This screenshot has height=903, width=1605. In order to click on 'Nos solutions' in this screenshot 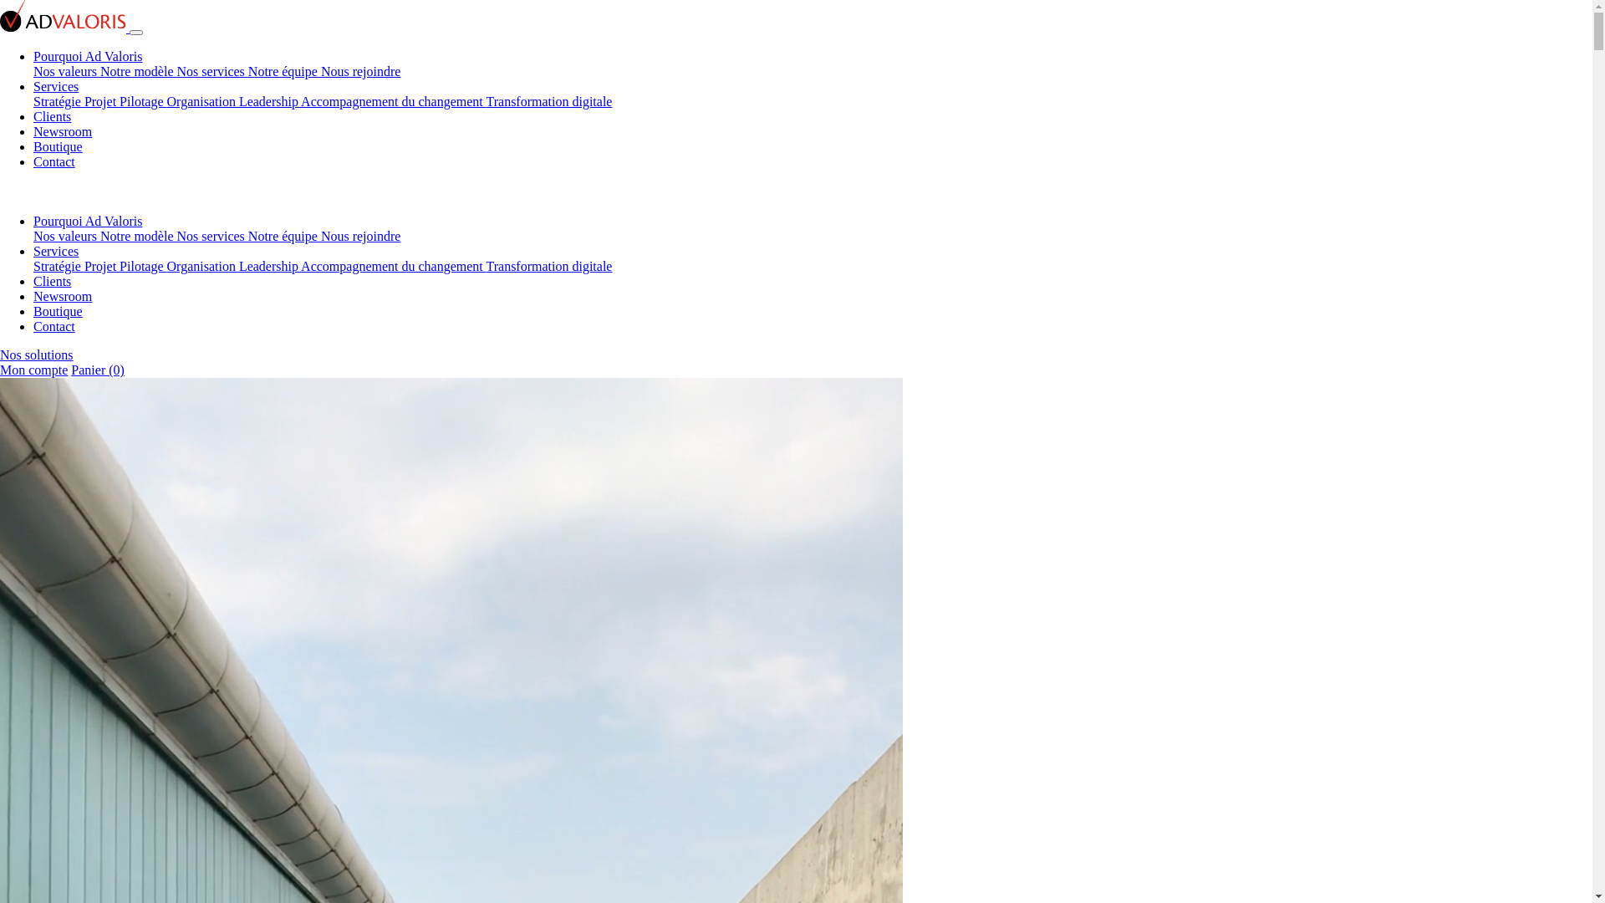, I will do `click(36, 354)`.